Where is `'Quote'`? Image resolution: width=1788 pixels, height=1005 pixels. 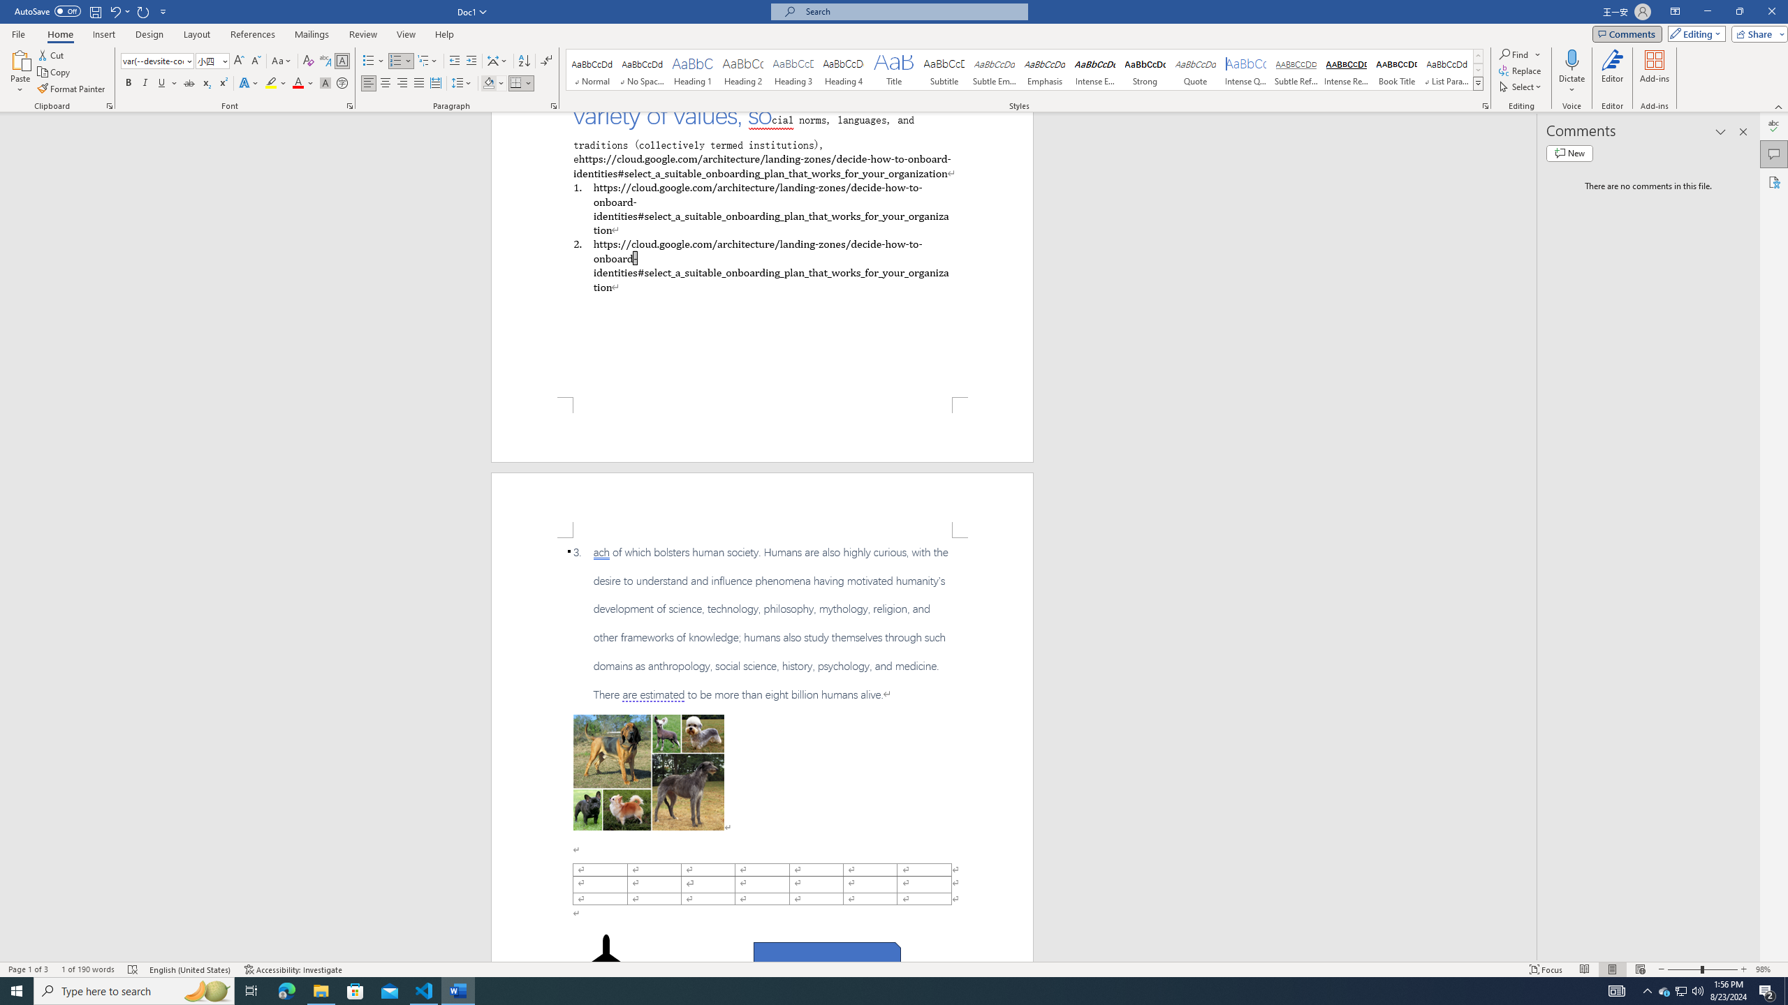 'Quote' is located at coordinates (1196, 69).